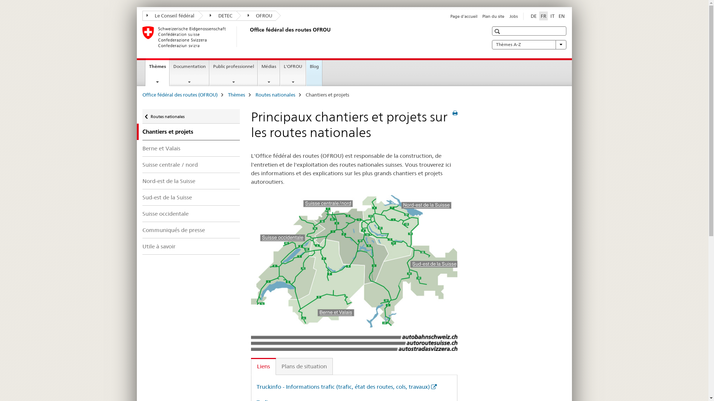  I want to click on 'Suisse centrale / nord', so click(191, 164).